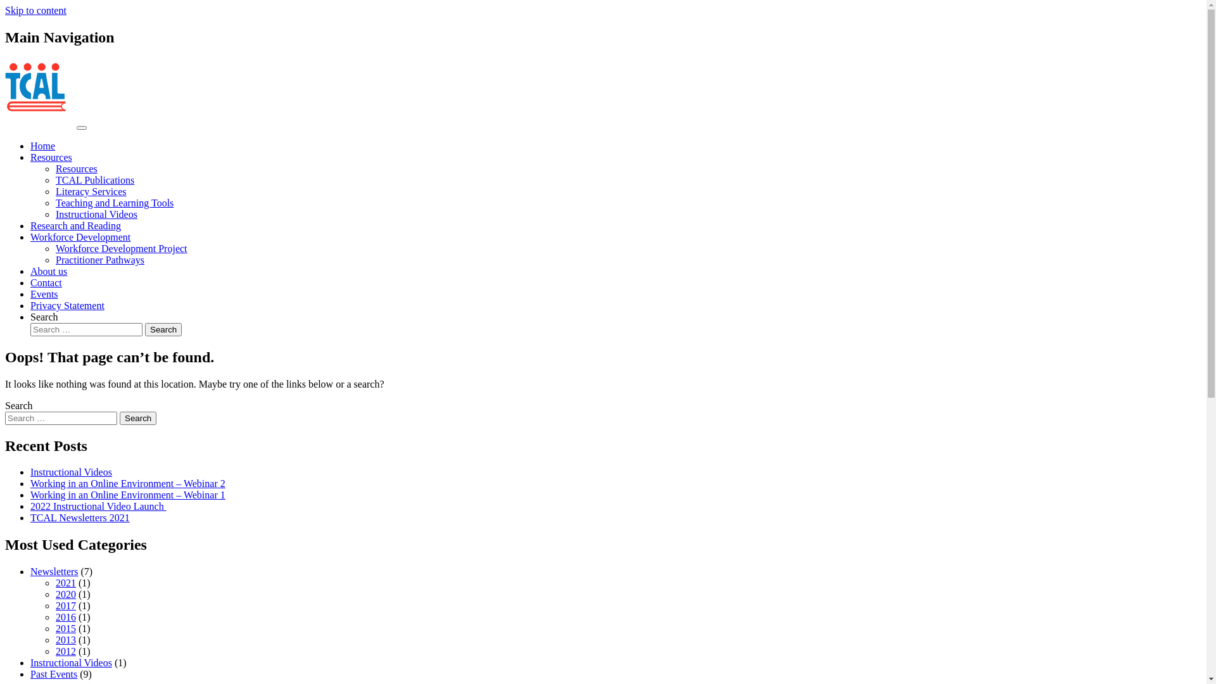 Image resolution: width=1216 pixels, height=684 pixels. What do you see at coordinates (65, 628) in the screenshot?
I see `'2015'` at bounding box center [65, 628].